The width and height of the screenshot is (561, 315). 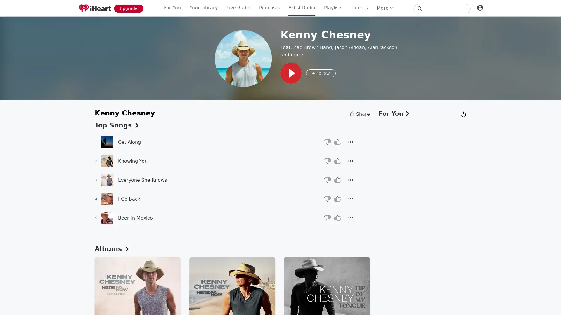 I want to click on Play, so click(x=107, y=142).